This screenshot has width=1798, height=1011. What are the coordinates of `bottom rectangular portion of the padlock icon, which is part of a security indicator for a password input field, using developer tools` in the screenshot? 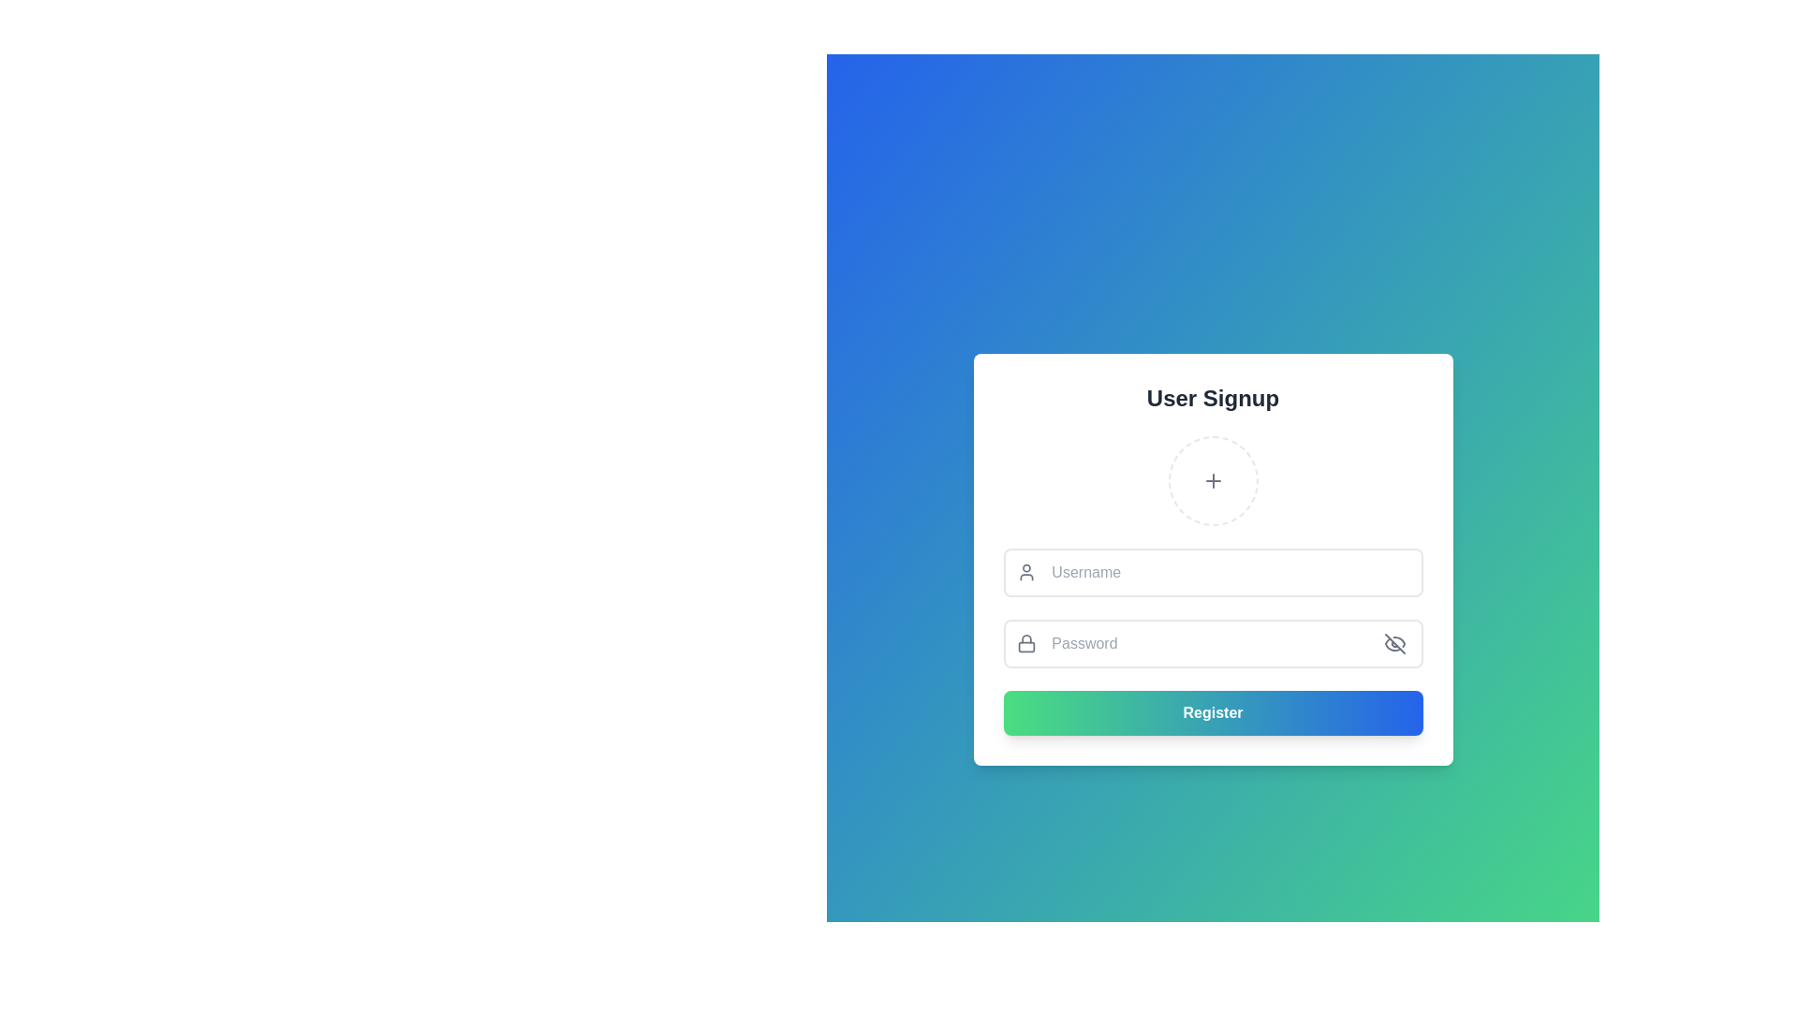 It's located at (1025, 647).